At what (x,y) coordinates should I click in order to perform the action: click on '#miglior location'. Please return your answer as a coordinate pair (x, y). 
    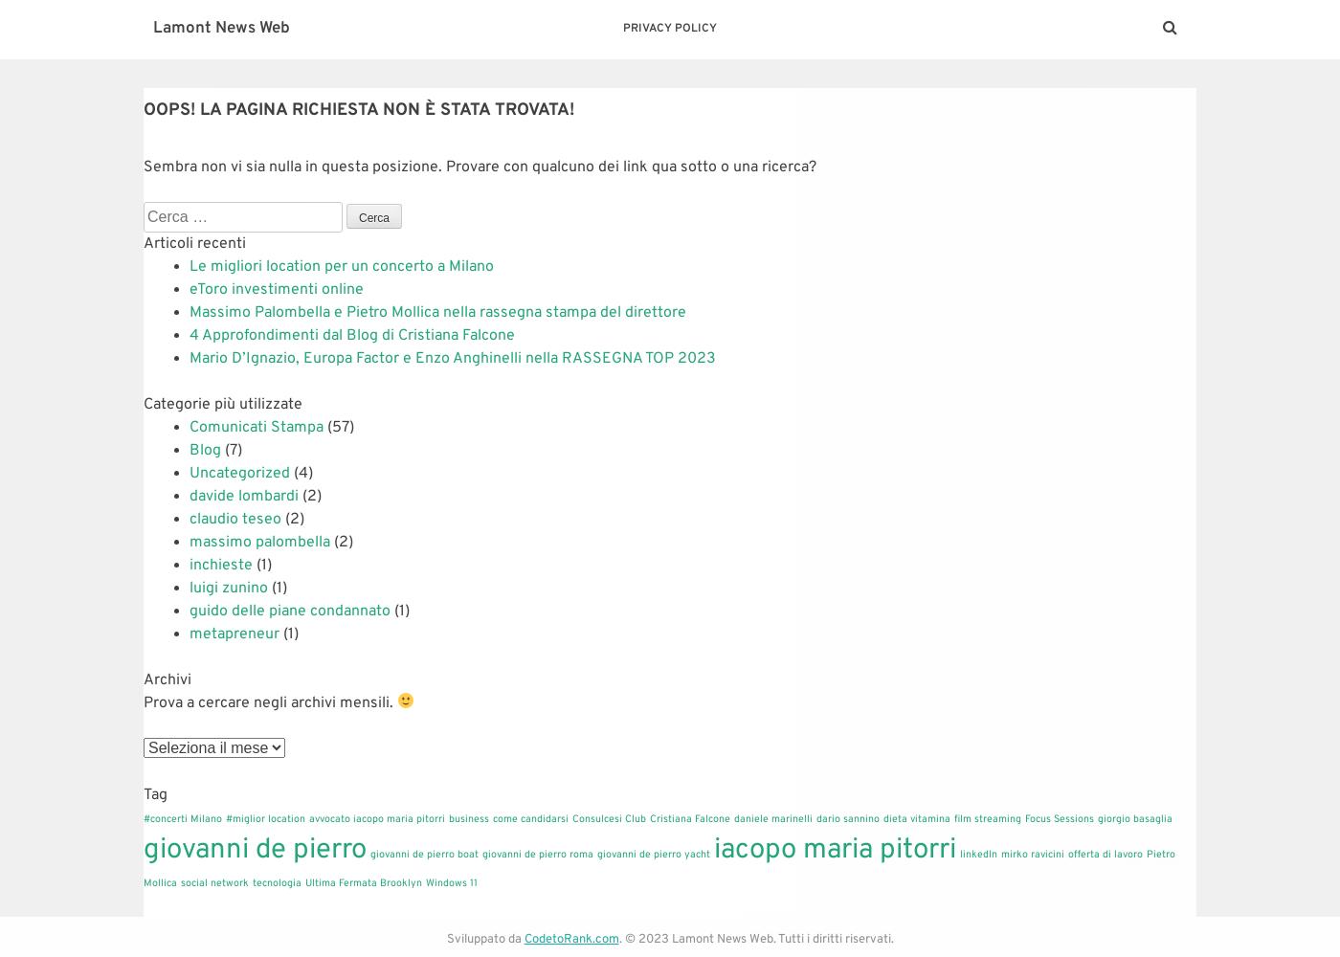
    Looking at the image, I should click on (265, 817).